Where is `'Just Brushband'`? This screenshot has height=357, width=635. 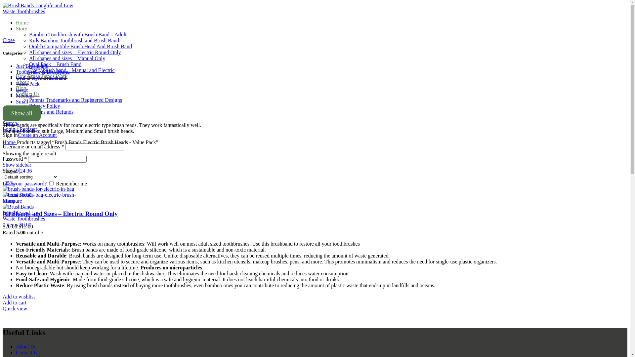
'Just Brushband' is located at coordinates (31, 66).